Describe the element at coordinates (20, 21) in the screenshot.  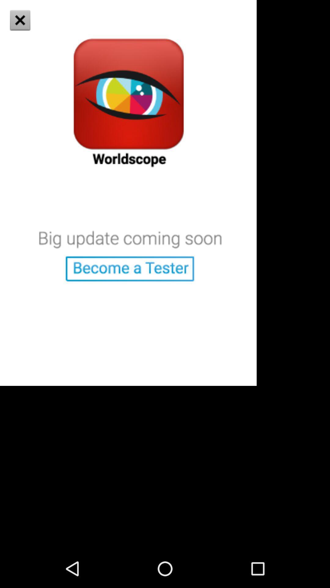
I see `the close icon` at that location.